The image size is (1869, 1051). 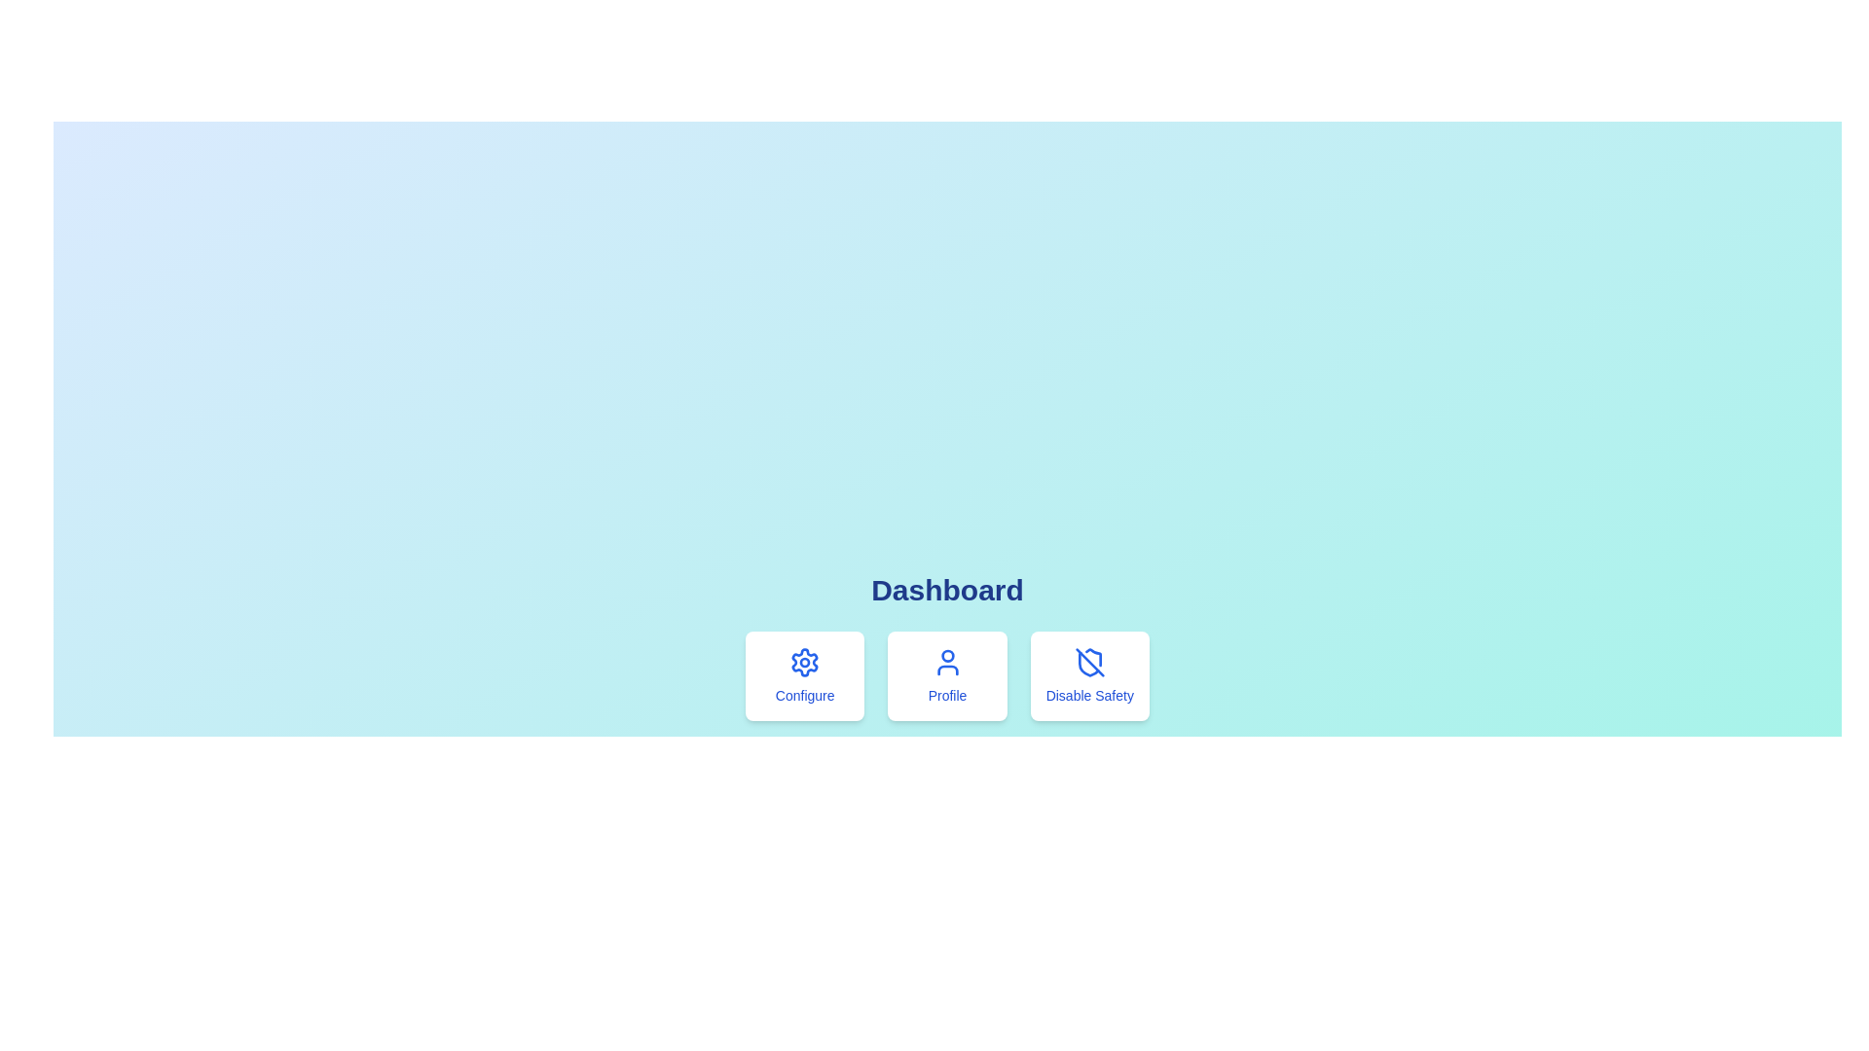 I want to click on the gear icon representing settings, so click(x=804, y=662).